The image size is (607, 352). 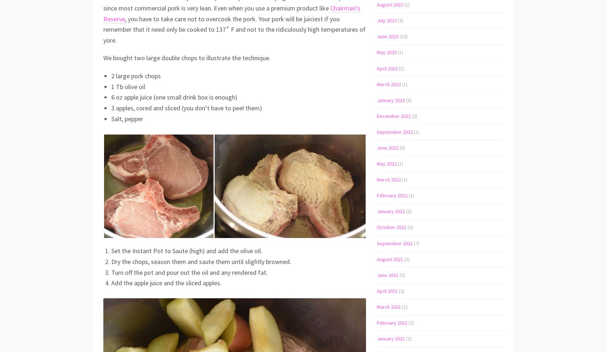 What do you see at coordinates (387, 67) in the screenshot?
I see `'April 2023'` at bounding box center [387, 67].